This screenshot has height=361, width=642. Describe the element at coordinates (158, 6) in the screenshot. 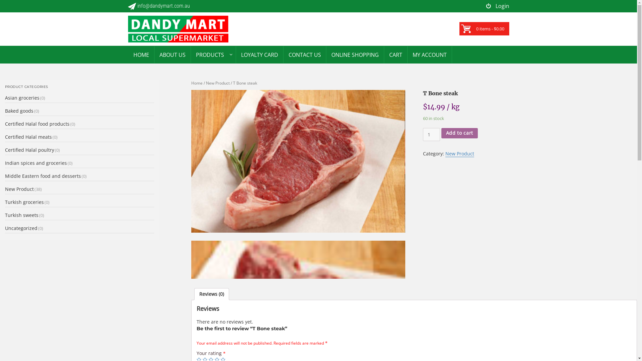

I see `'info@dandymart.com.au'` at that location.